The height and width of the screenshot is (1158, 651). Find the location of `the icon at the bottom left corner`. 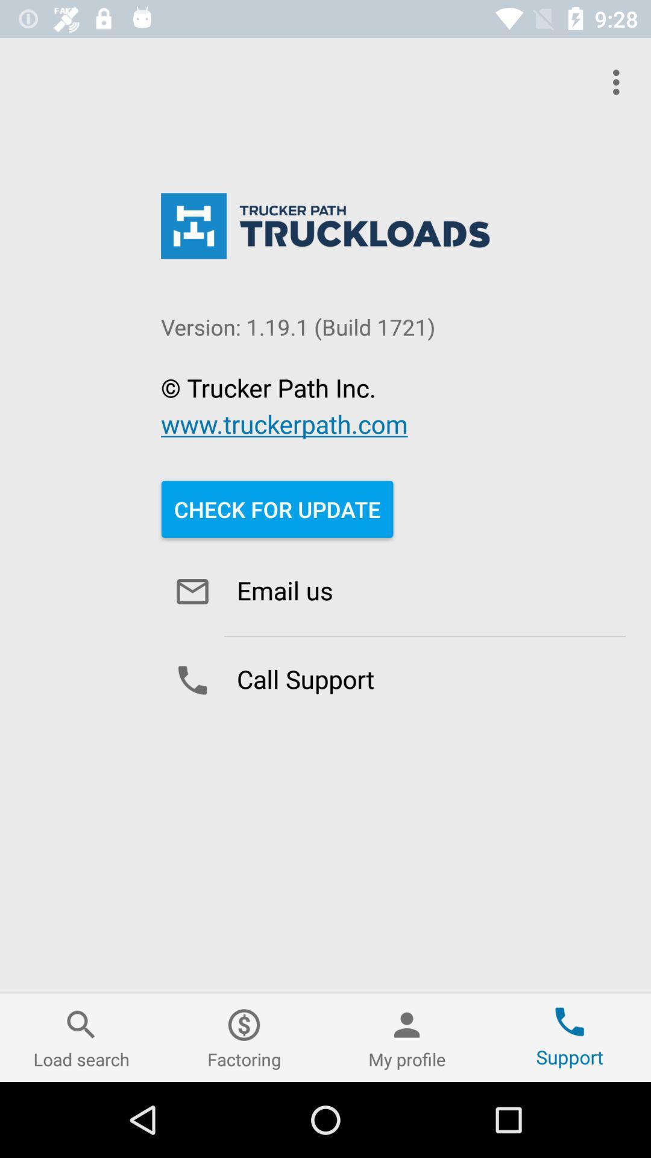

the icon at the bottom left corner is located at coordinates (81, 1037).